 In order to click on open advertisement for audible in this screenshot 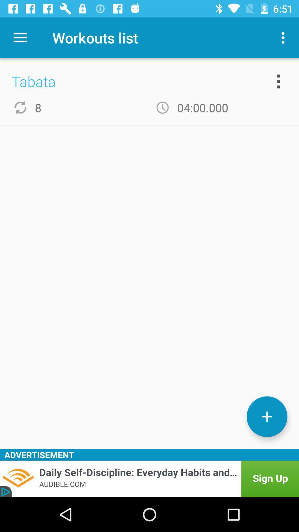, I will do `click(149, 479)`.